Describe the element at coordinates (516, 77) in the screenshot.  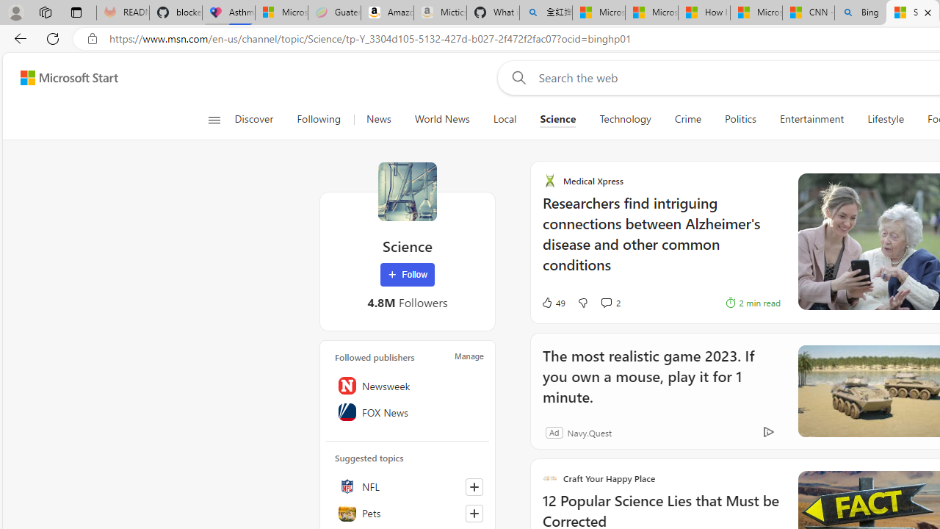
I see `'Web search'` at that location.